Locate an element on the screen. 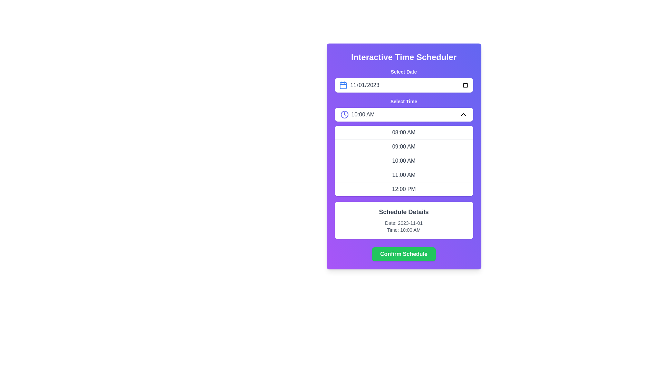 The width and height of the screenshot is (663, 373). the selectable list item for '12:00 PM' in the 'Select Time' dropdown menu is located at coordinates (404, 189).